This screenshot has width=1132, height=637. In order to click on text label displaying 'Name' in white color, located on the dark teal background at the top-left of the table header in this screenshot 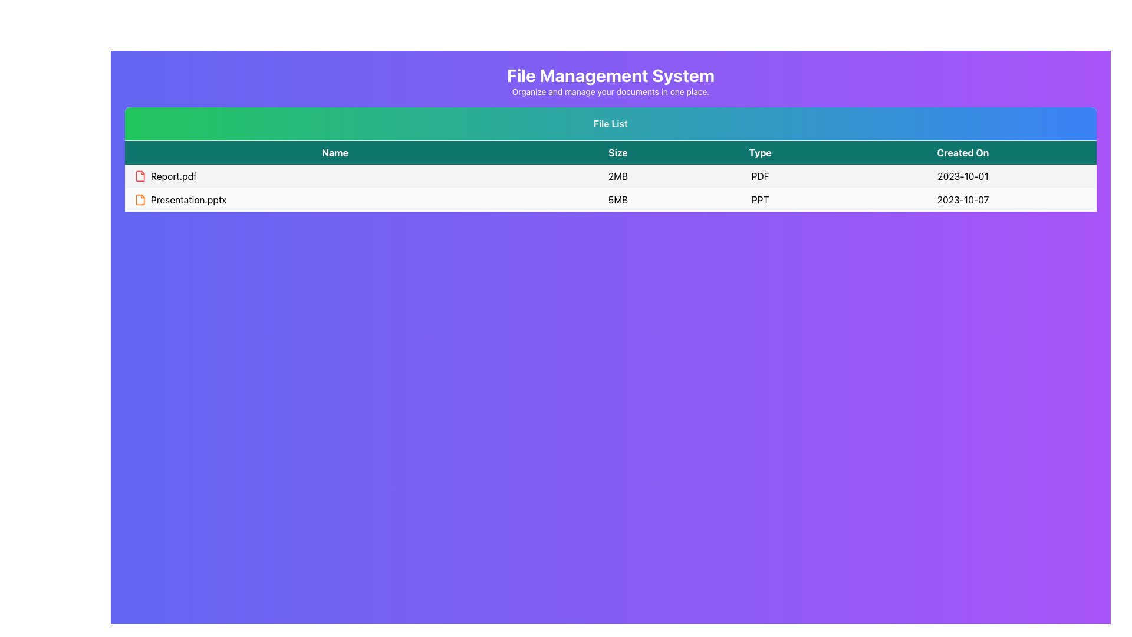, I will do `click(334, 152)`.